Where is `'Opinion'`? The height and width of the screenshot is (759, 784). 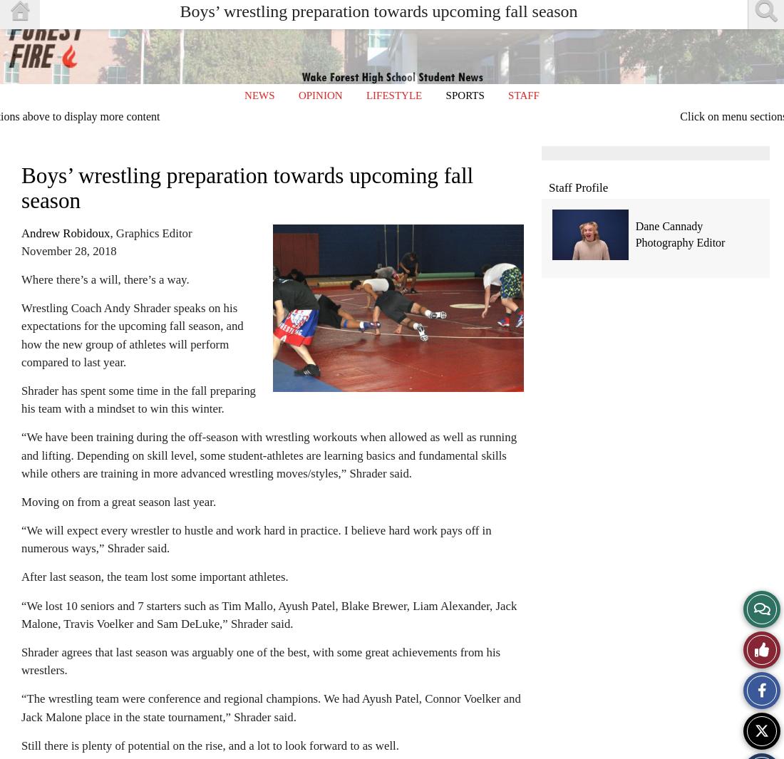
'Opinion' is located at coordinates (319, 94).